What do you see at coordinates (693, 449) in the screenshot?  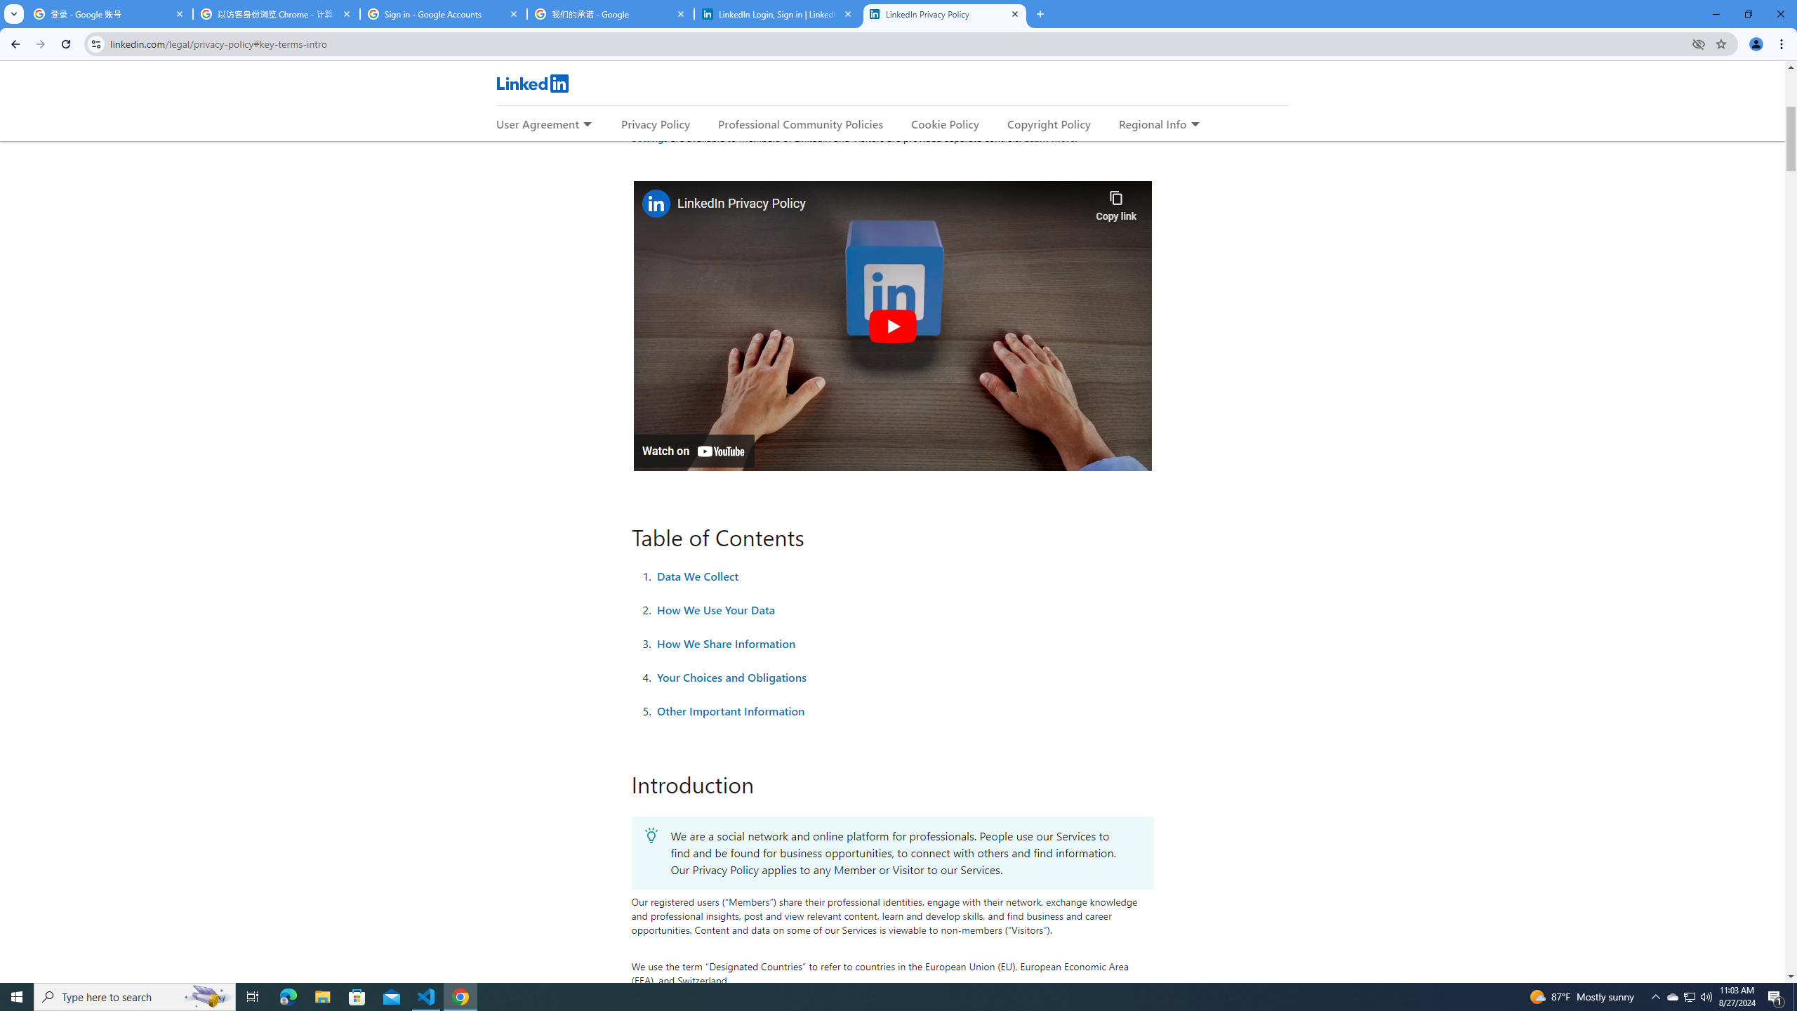 I see `'Watch on YouTube'` at bounding box center [693, 449].